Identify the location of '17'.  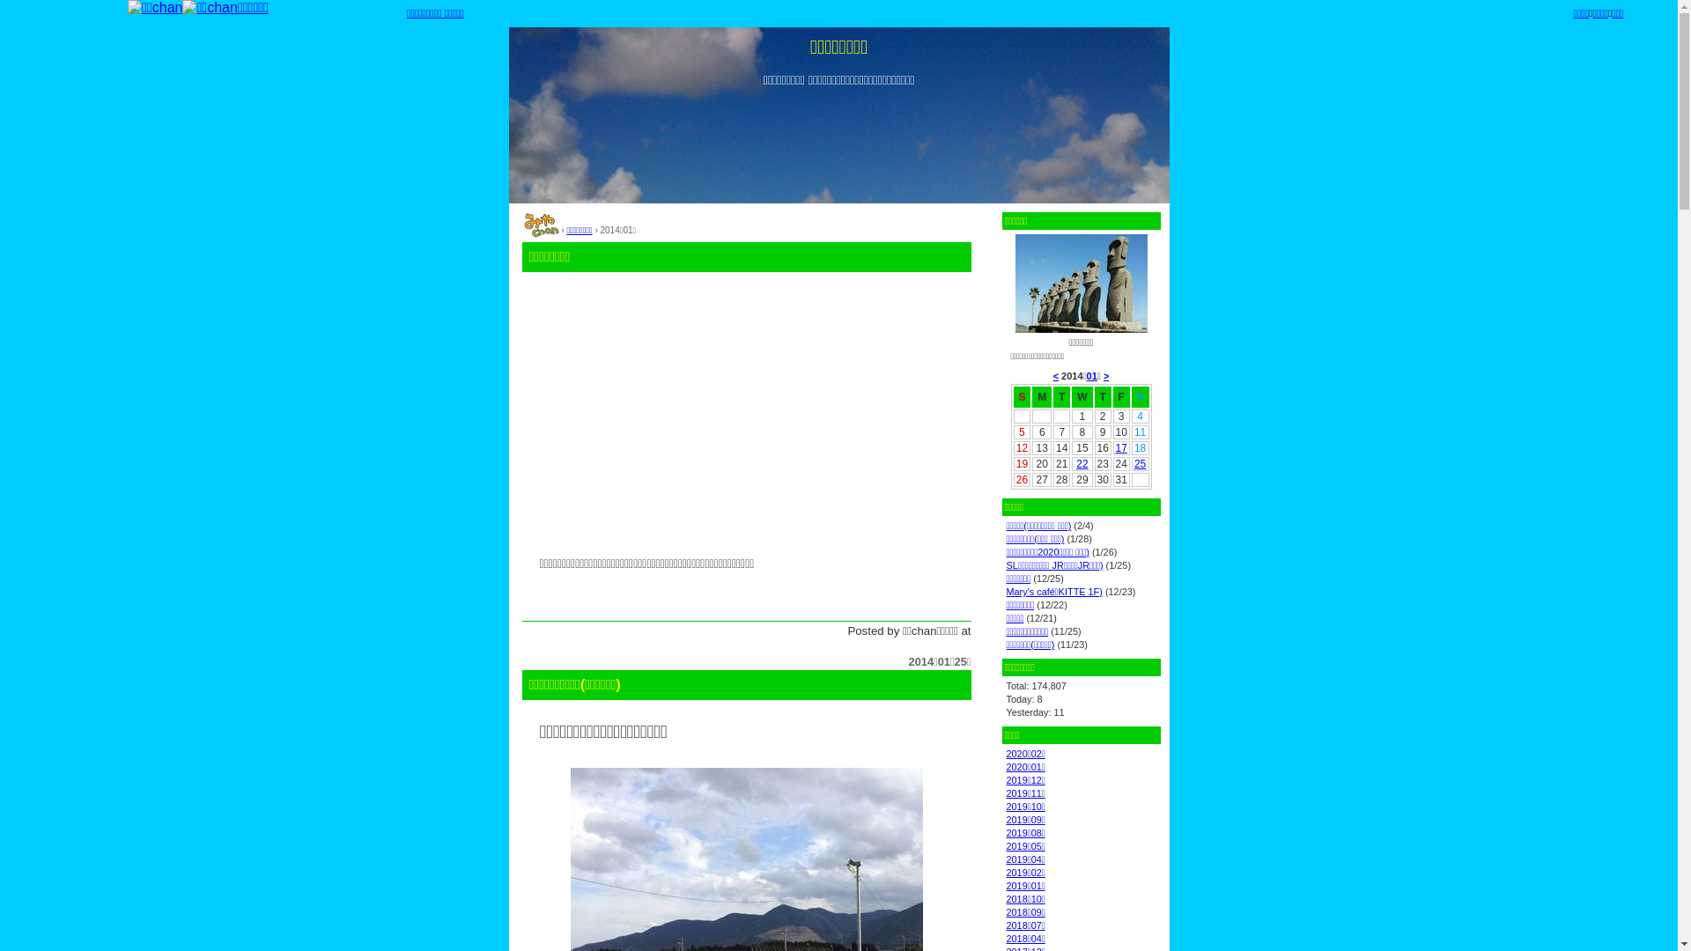
(1119, 447).